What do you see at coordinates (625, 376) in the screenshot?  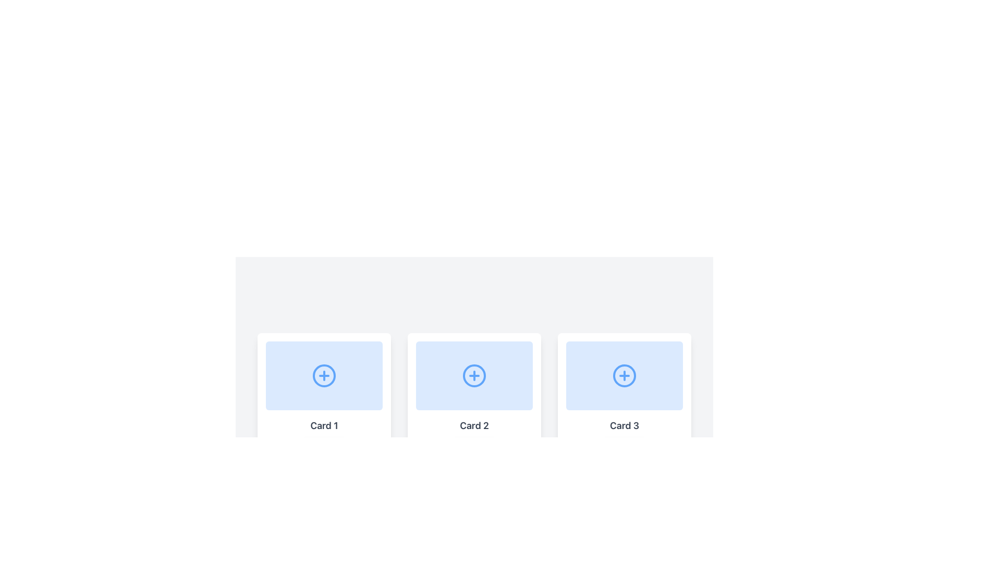 I see `the circular button located in the third card with a blue background to initiate the creation process` at bounding box center [625, 376].